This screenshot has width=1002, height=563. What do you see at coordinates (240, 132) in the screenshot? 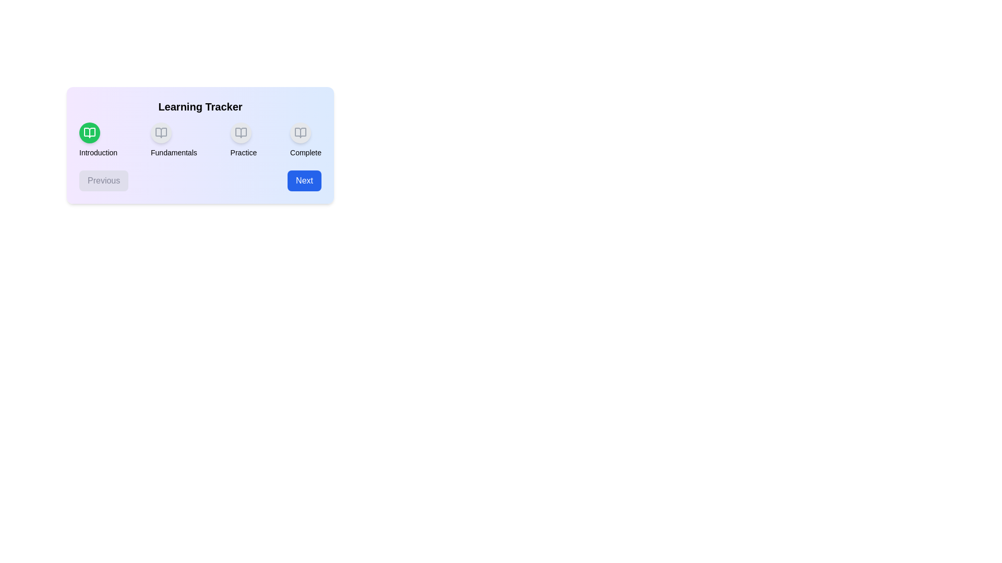
I see `the Circular navigation or status indicator icon located above the 'Practice' label, which indicates interaction for the 'Practice' section` at bounding box center [240, 132].